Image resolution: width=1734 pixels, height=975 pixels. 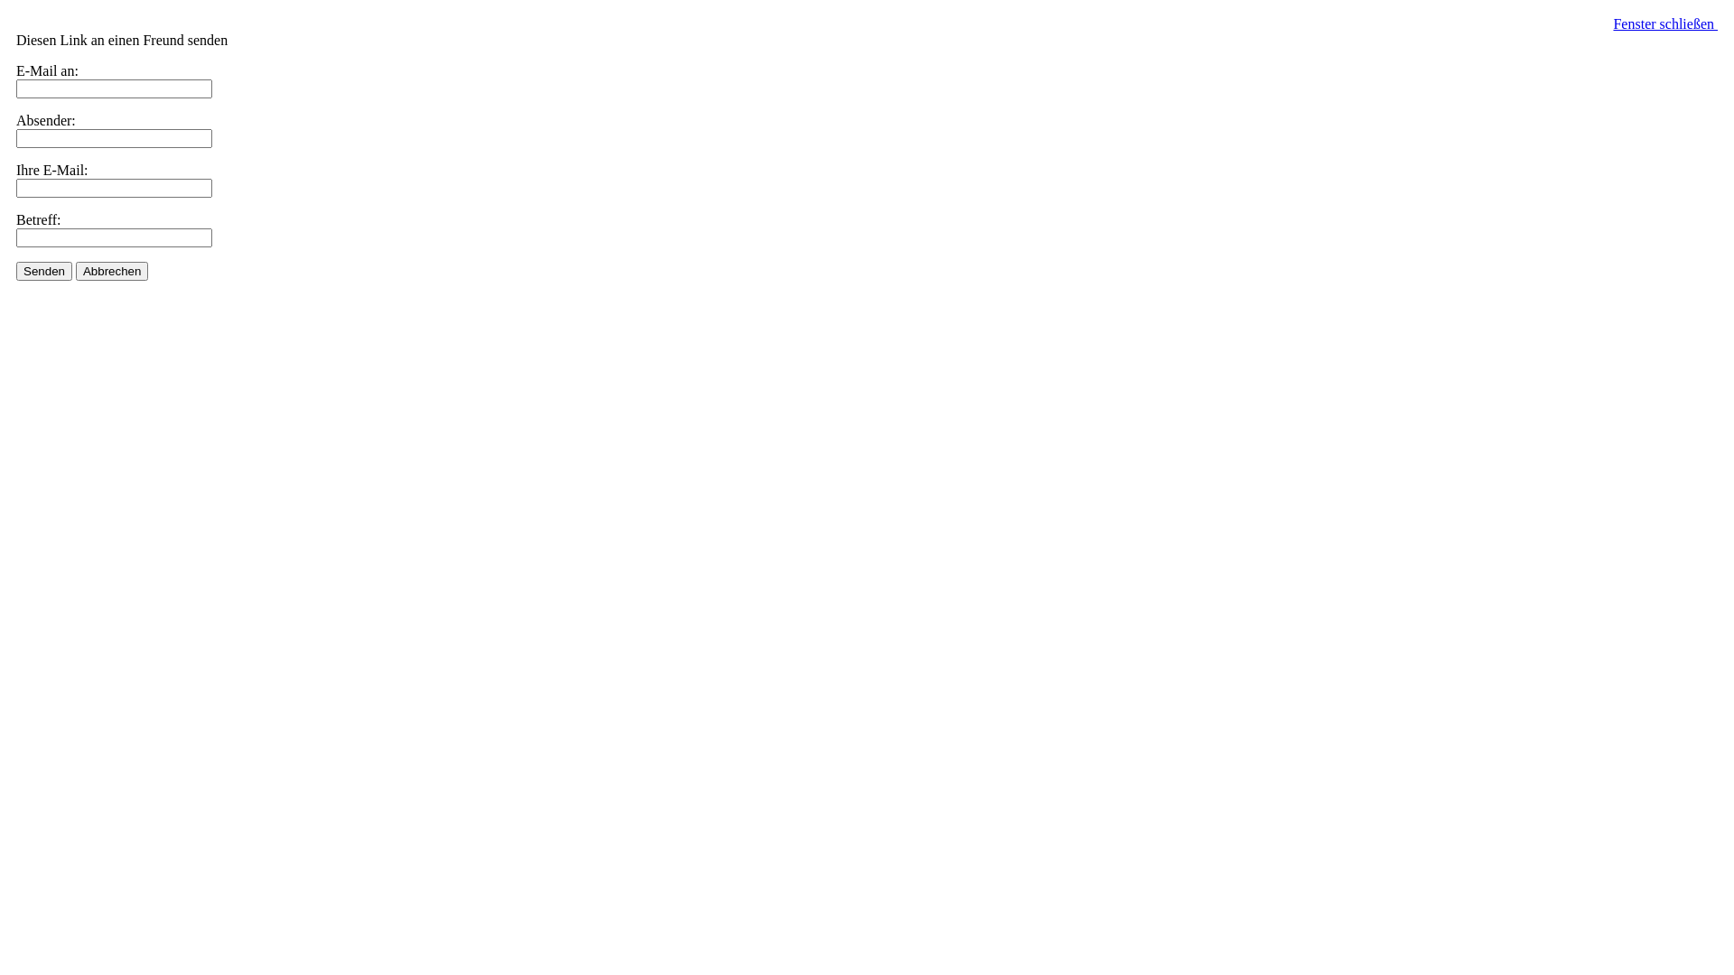 What do you see at coordinates (111, 271) in the screenshot?
I see `'Abbrechen'` at bounding box center [111, 271].